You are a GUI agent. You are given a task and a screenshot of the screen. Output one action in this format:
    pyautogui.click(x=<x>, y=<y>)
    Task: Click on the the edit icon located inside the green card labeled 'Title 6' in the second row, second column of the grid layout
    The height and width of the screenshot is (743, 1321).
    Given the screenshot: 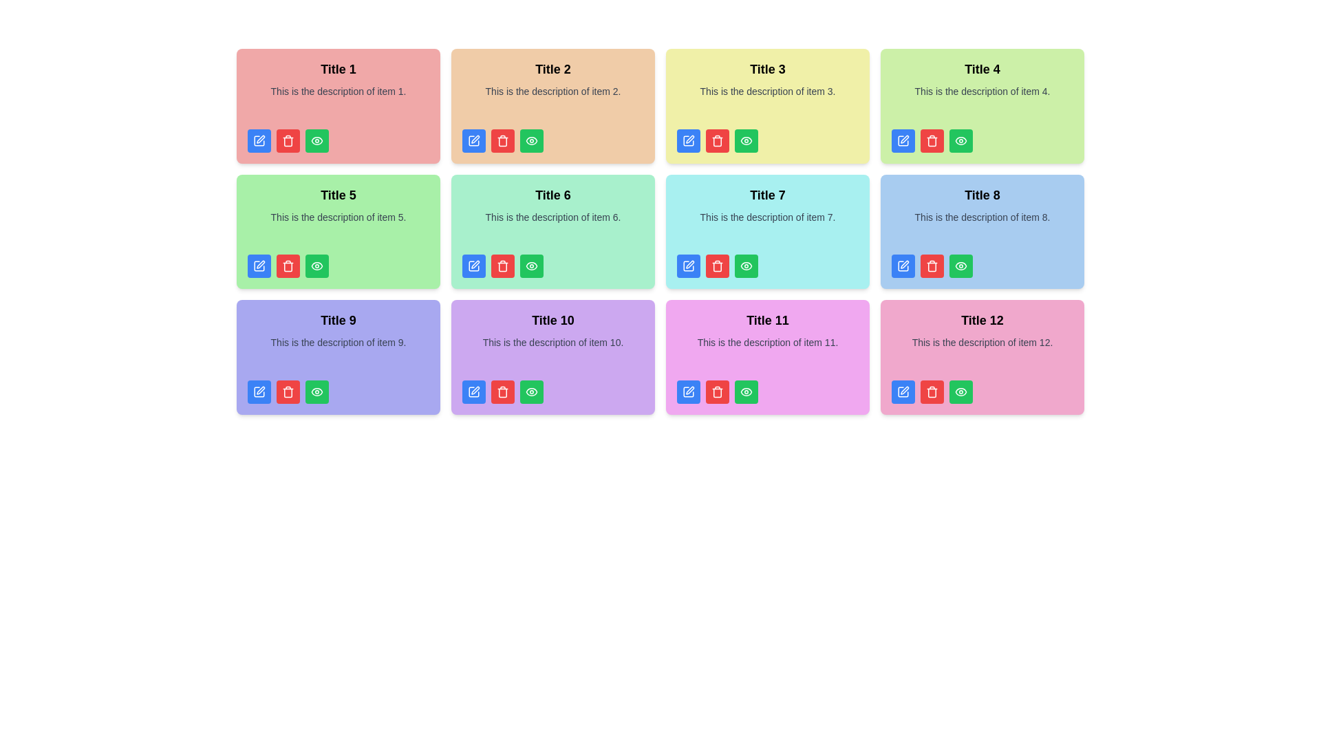 What is the action you would take?
    pyautogui.click(x=475, y=264)
    